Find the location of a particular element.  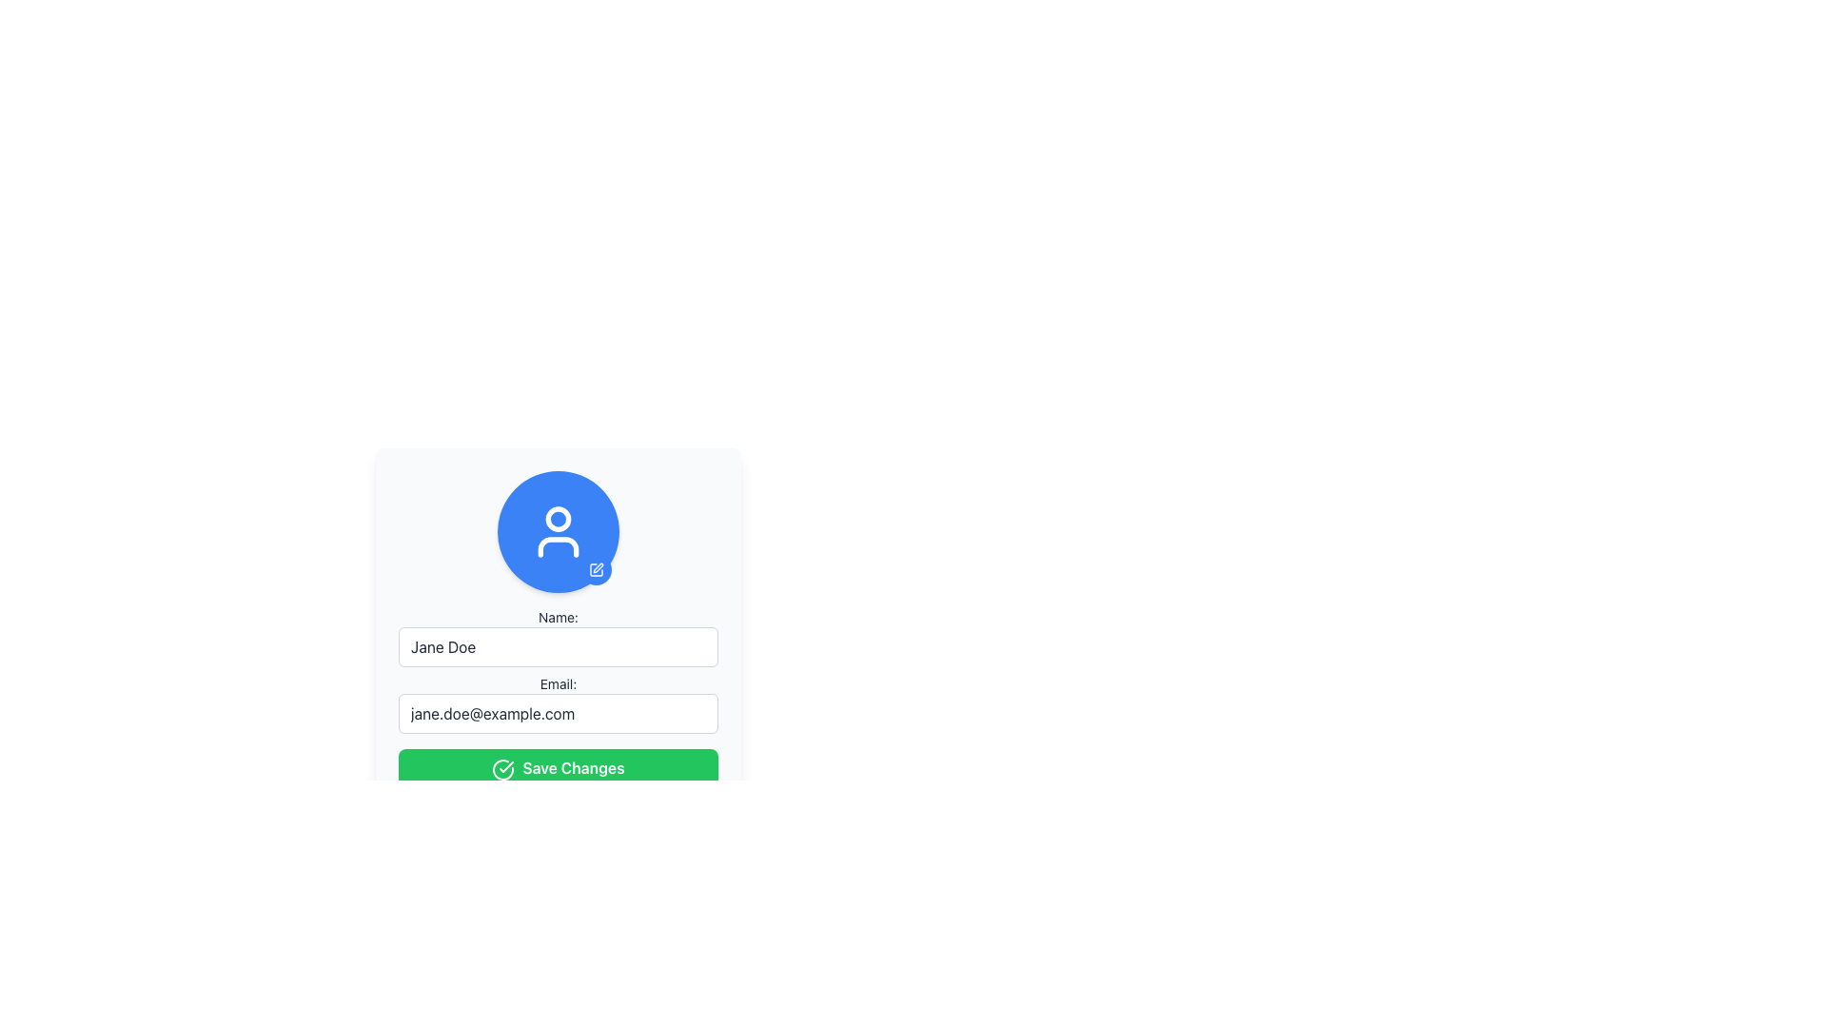

the user profile icon located in the blue circular area above the form section of the page, which is part of the main user profile card's layout is located at coordinates (557, 532).